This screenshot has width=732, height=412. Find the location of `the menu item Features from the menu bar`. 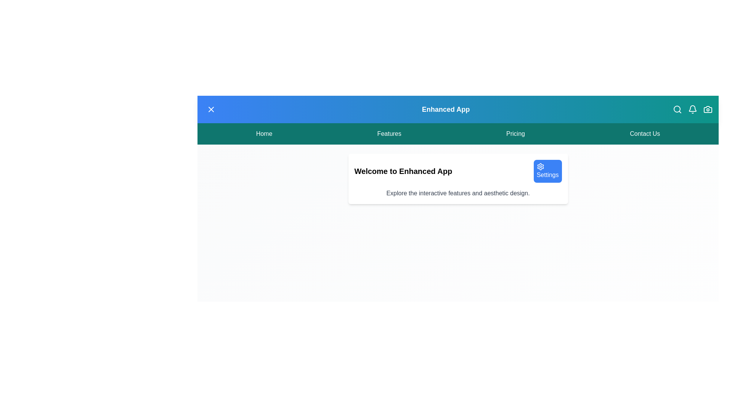

the menu item Features from the menu bar is located at coordinates (389, 134).